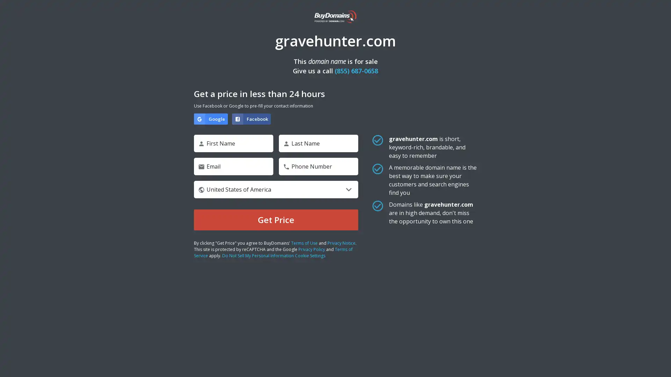  What do you see at coordinates (276, 219) in the screenshot?
I see `Get Price` at bounding box center [276, 219].